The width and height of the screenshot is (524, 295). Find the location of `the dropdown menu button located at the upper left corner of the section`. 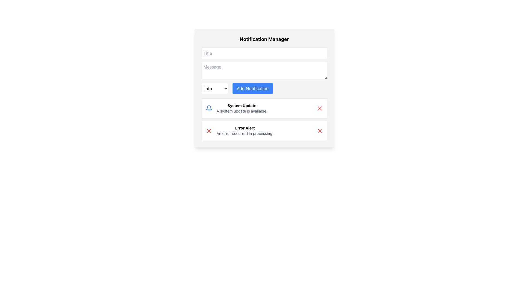

the dropdown menu button located at the upper left corner of the section is located at coordinates (214, 88).